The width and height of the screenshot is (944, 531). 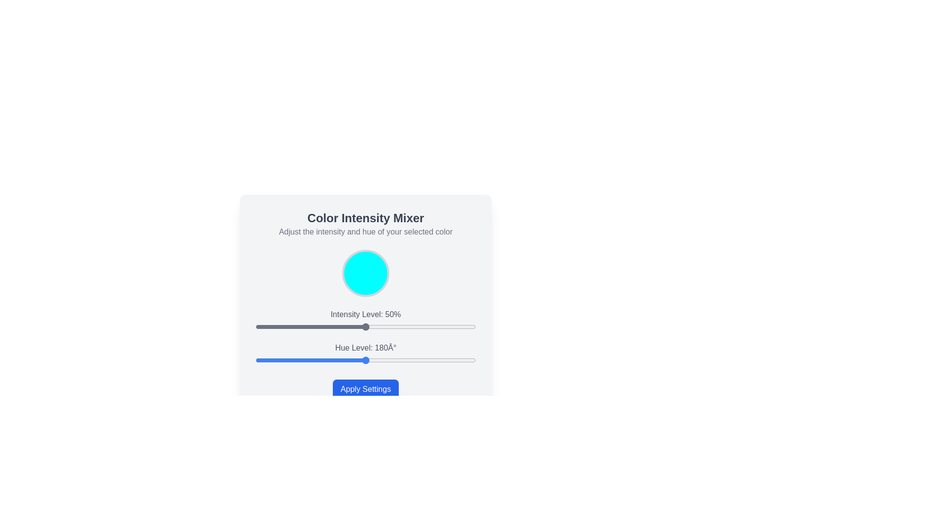 What do you see at coordinates (431, 360) in the screenshot?
I see `the hue level slider to 287°` at bounding box center [431, 360].